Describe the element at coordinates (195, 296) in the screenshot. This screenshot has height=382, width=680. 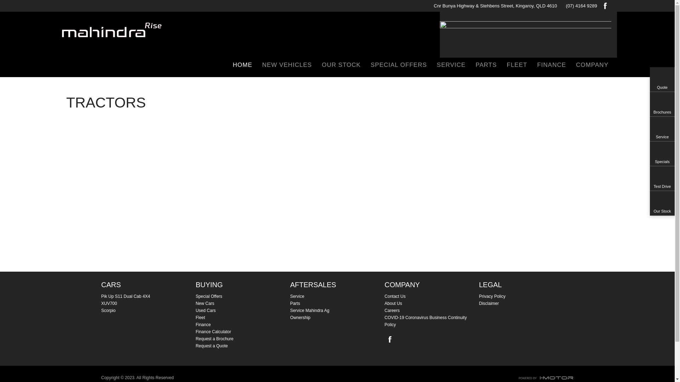
I see `'Special Offers'` at that location.